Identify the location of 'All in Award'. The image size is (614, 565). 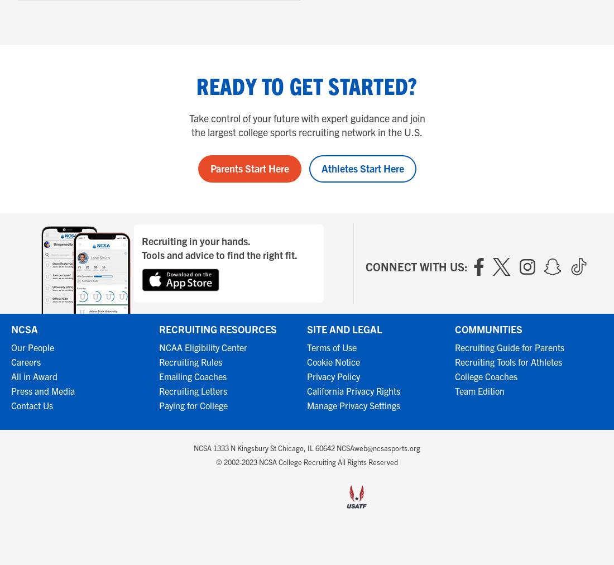
(11, 376).